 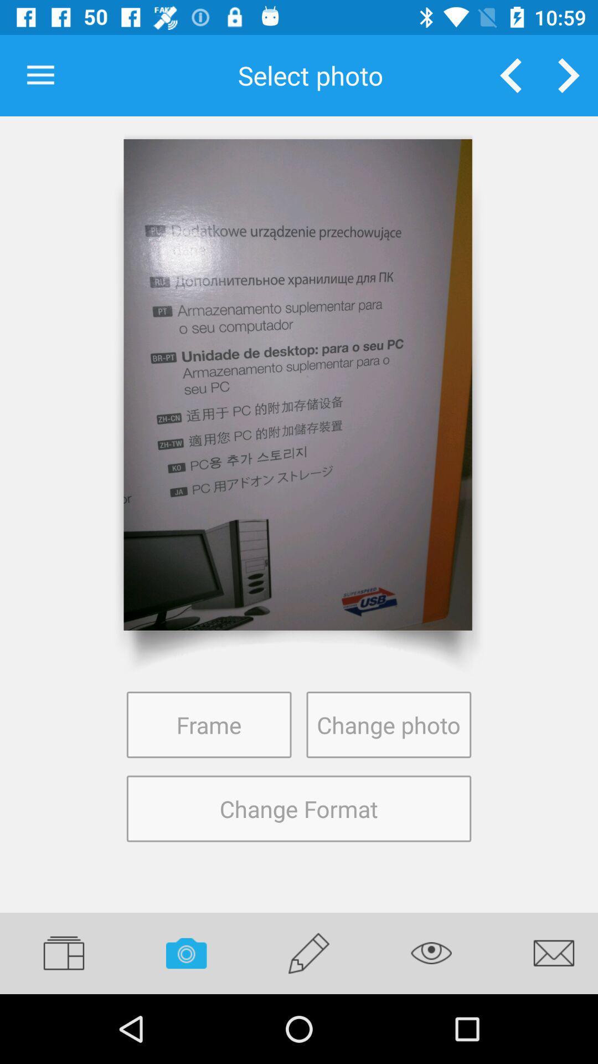 What do you see at coordinates (511, 75) in the screenshot?
I see `open previous photo` at bounding box center [511, 75].